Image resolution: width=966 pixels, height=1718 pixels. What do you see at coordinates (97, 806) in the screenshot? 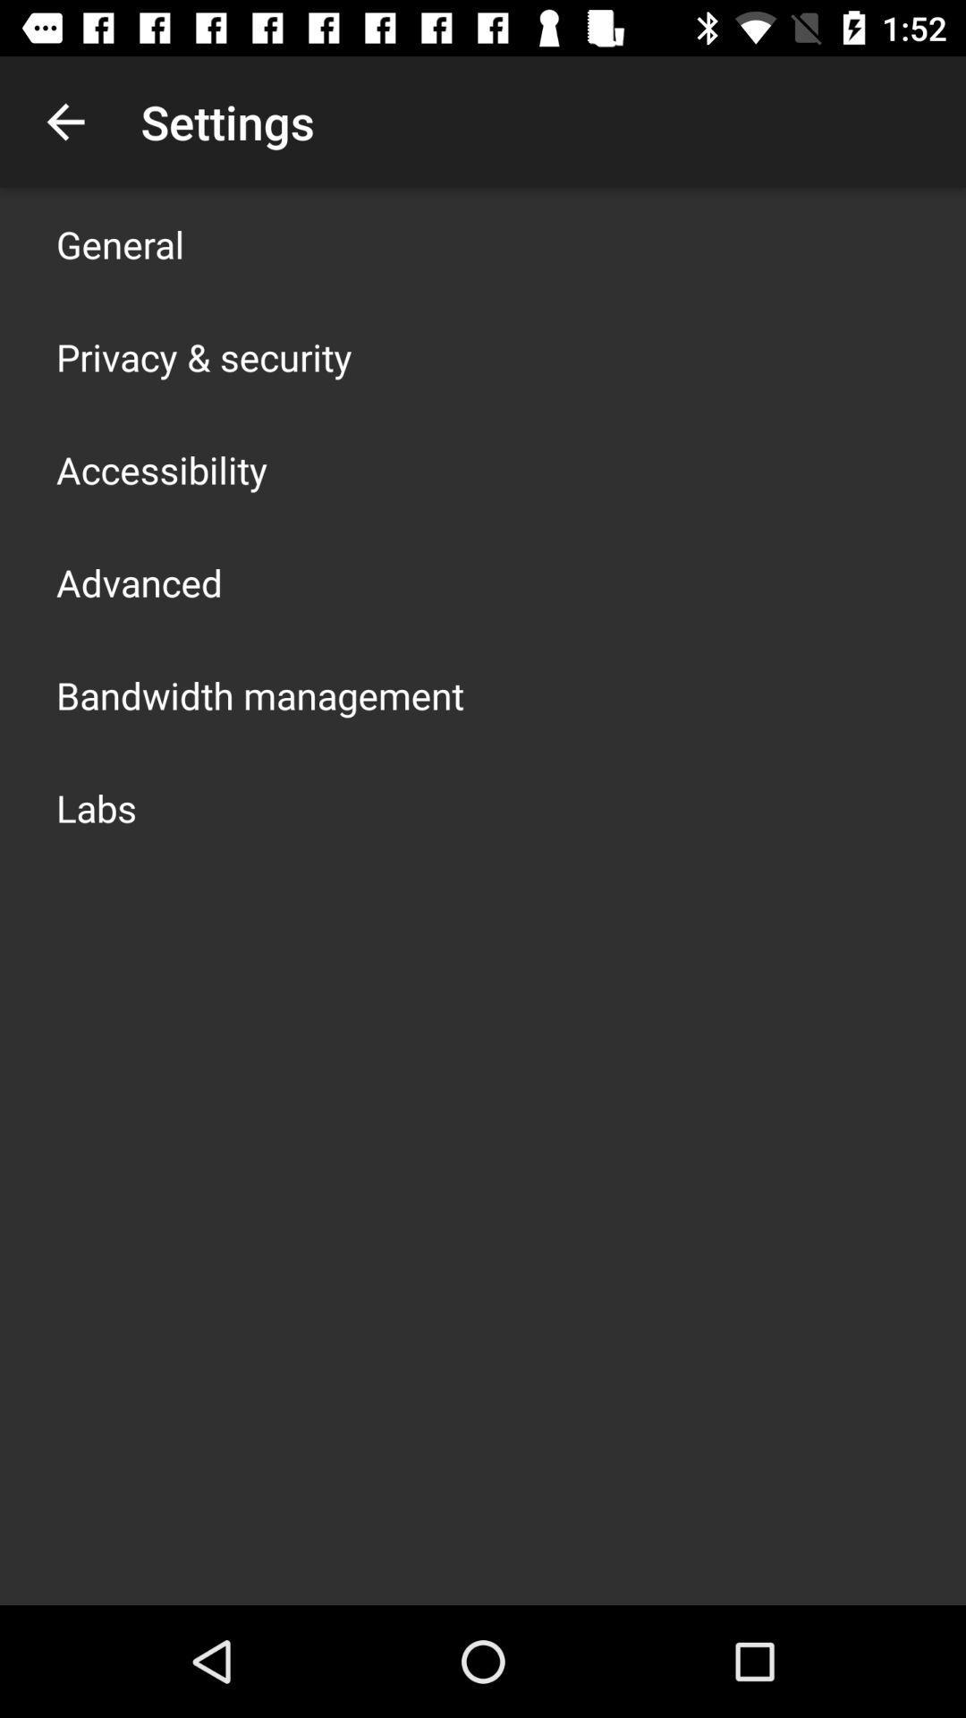
I see `labs item` at bounding box center [97, 806].